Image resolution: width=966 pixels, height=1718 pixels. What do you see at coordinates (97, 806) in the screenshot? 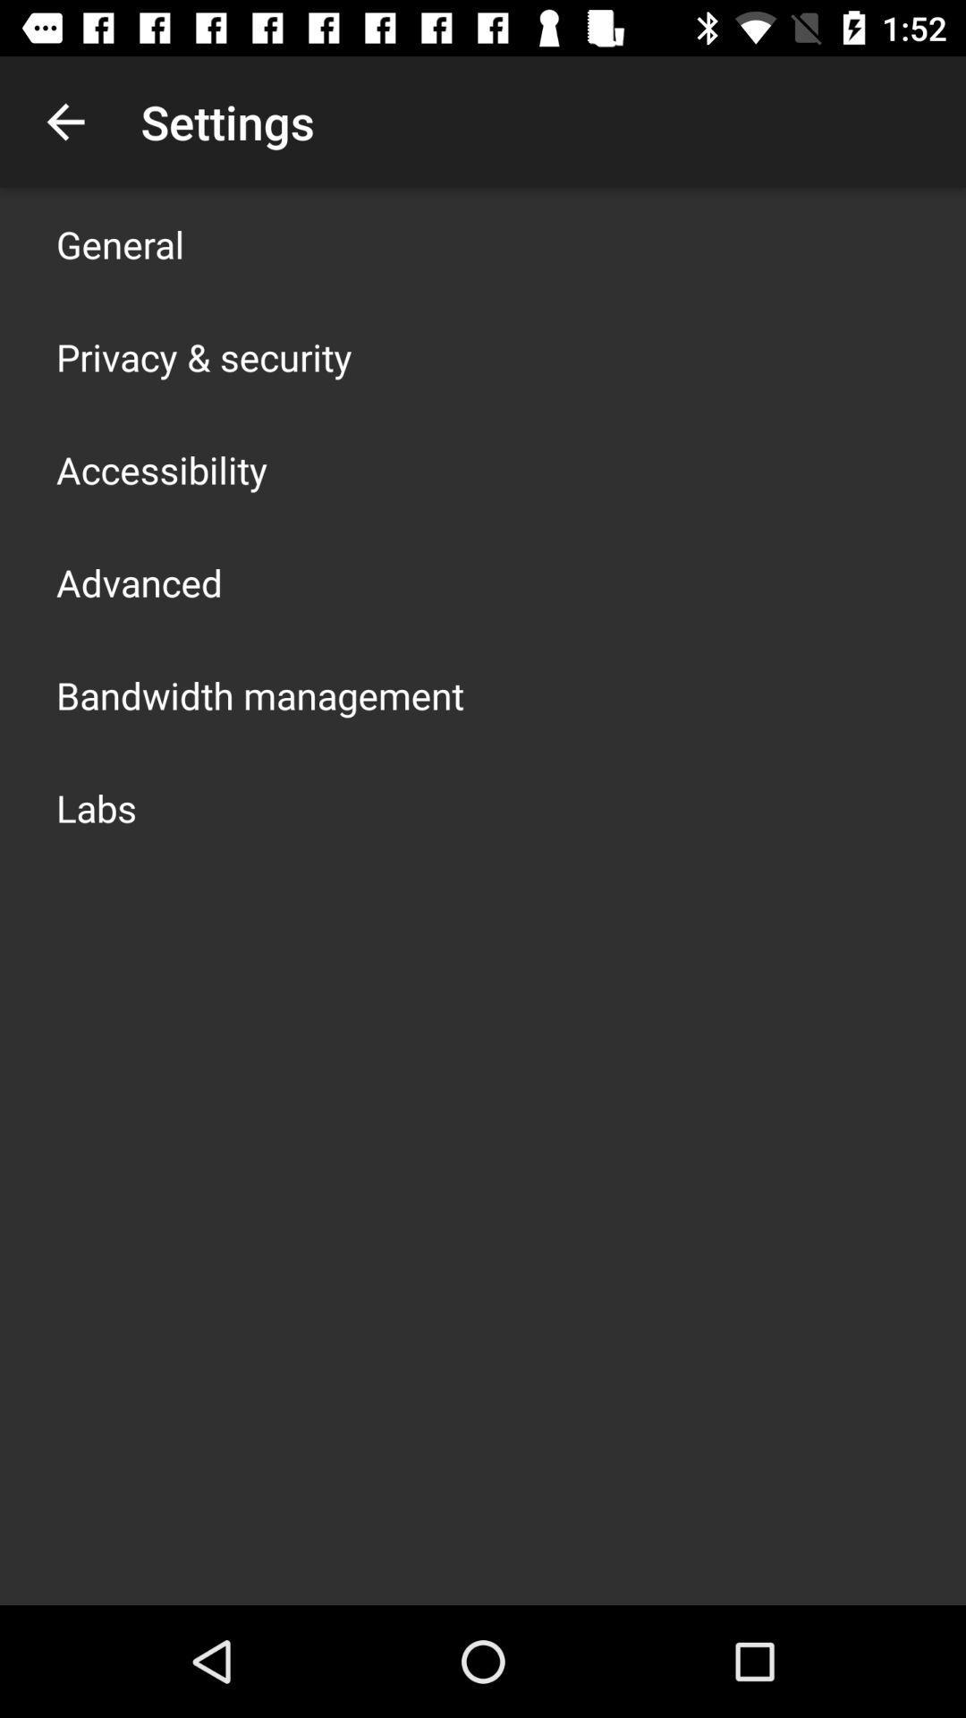
I see `labs item` at bounding box center [97, 806].